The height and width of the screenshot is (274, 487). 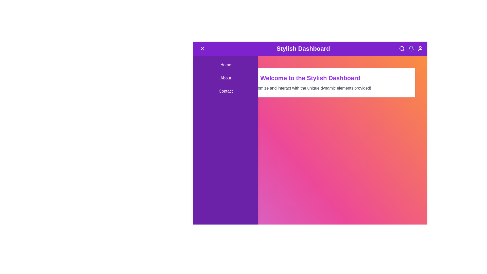 What do you see at coordinates (202, 49) in the screenshot?
I see `the menu button to toggle the side menu visibility` at bounding box center [202, 49].